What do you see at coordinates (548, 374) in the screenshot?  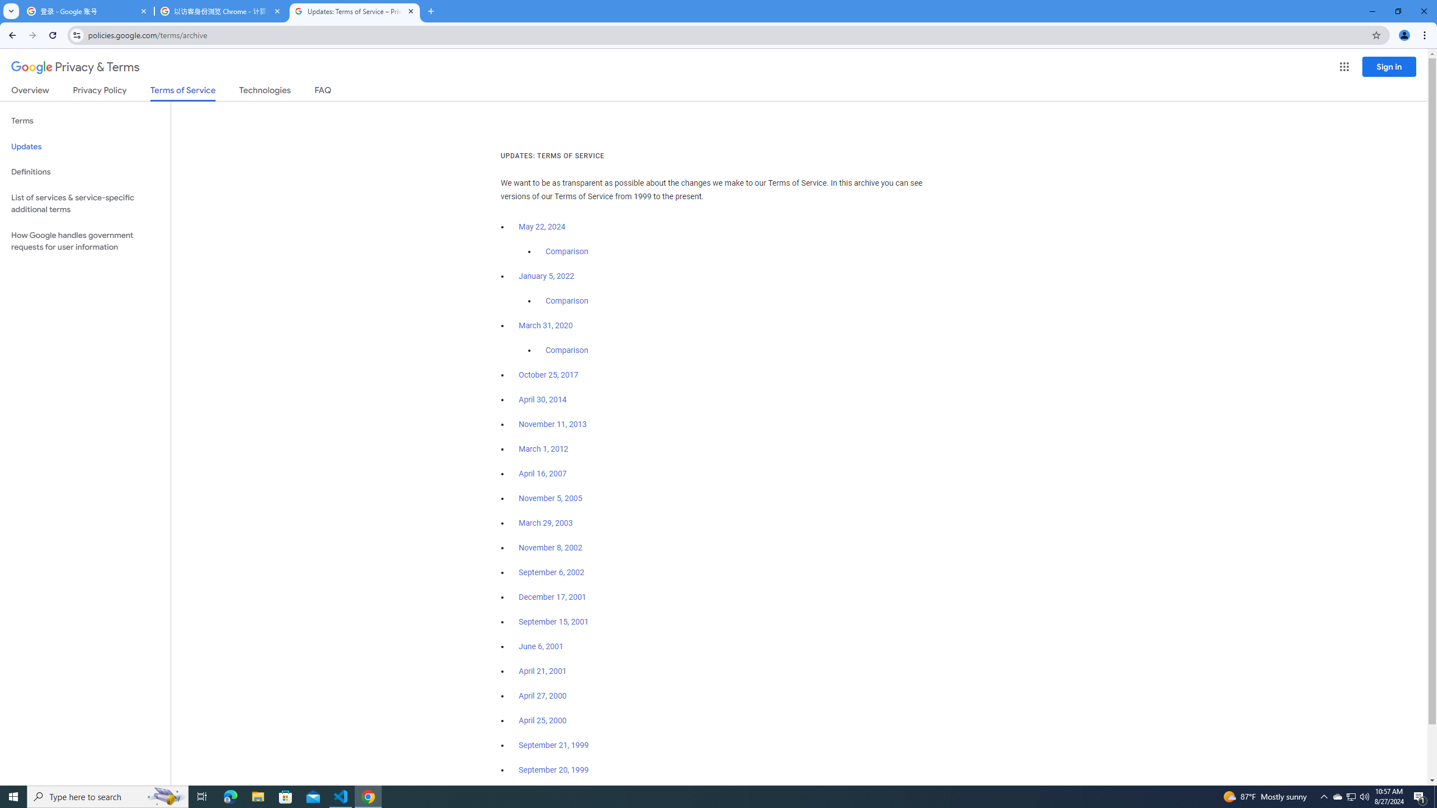 I see `'October 25, 2017'` at bounding box center [548, 374].